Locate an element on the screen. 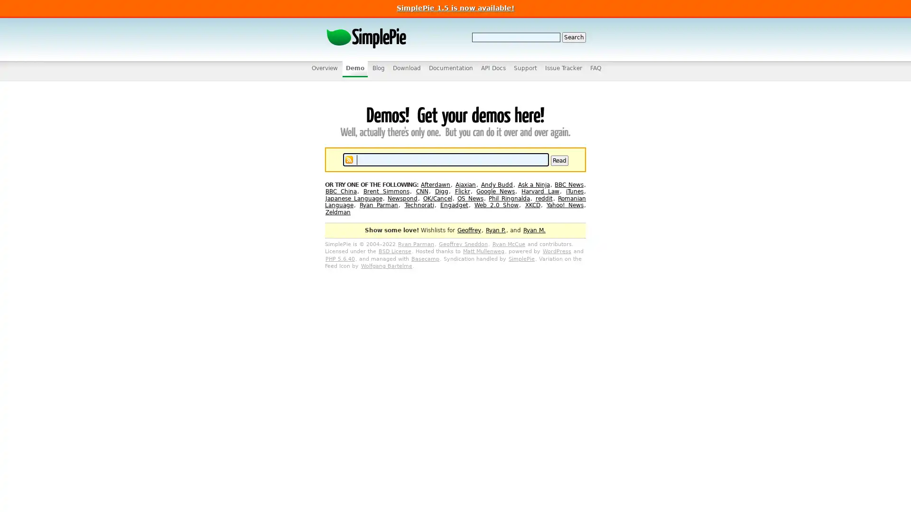  Read is located at coordinates (559, 160).